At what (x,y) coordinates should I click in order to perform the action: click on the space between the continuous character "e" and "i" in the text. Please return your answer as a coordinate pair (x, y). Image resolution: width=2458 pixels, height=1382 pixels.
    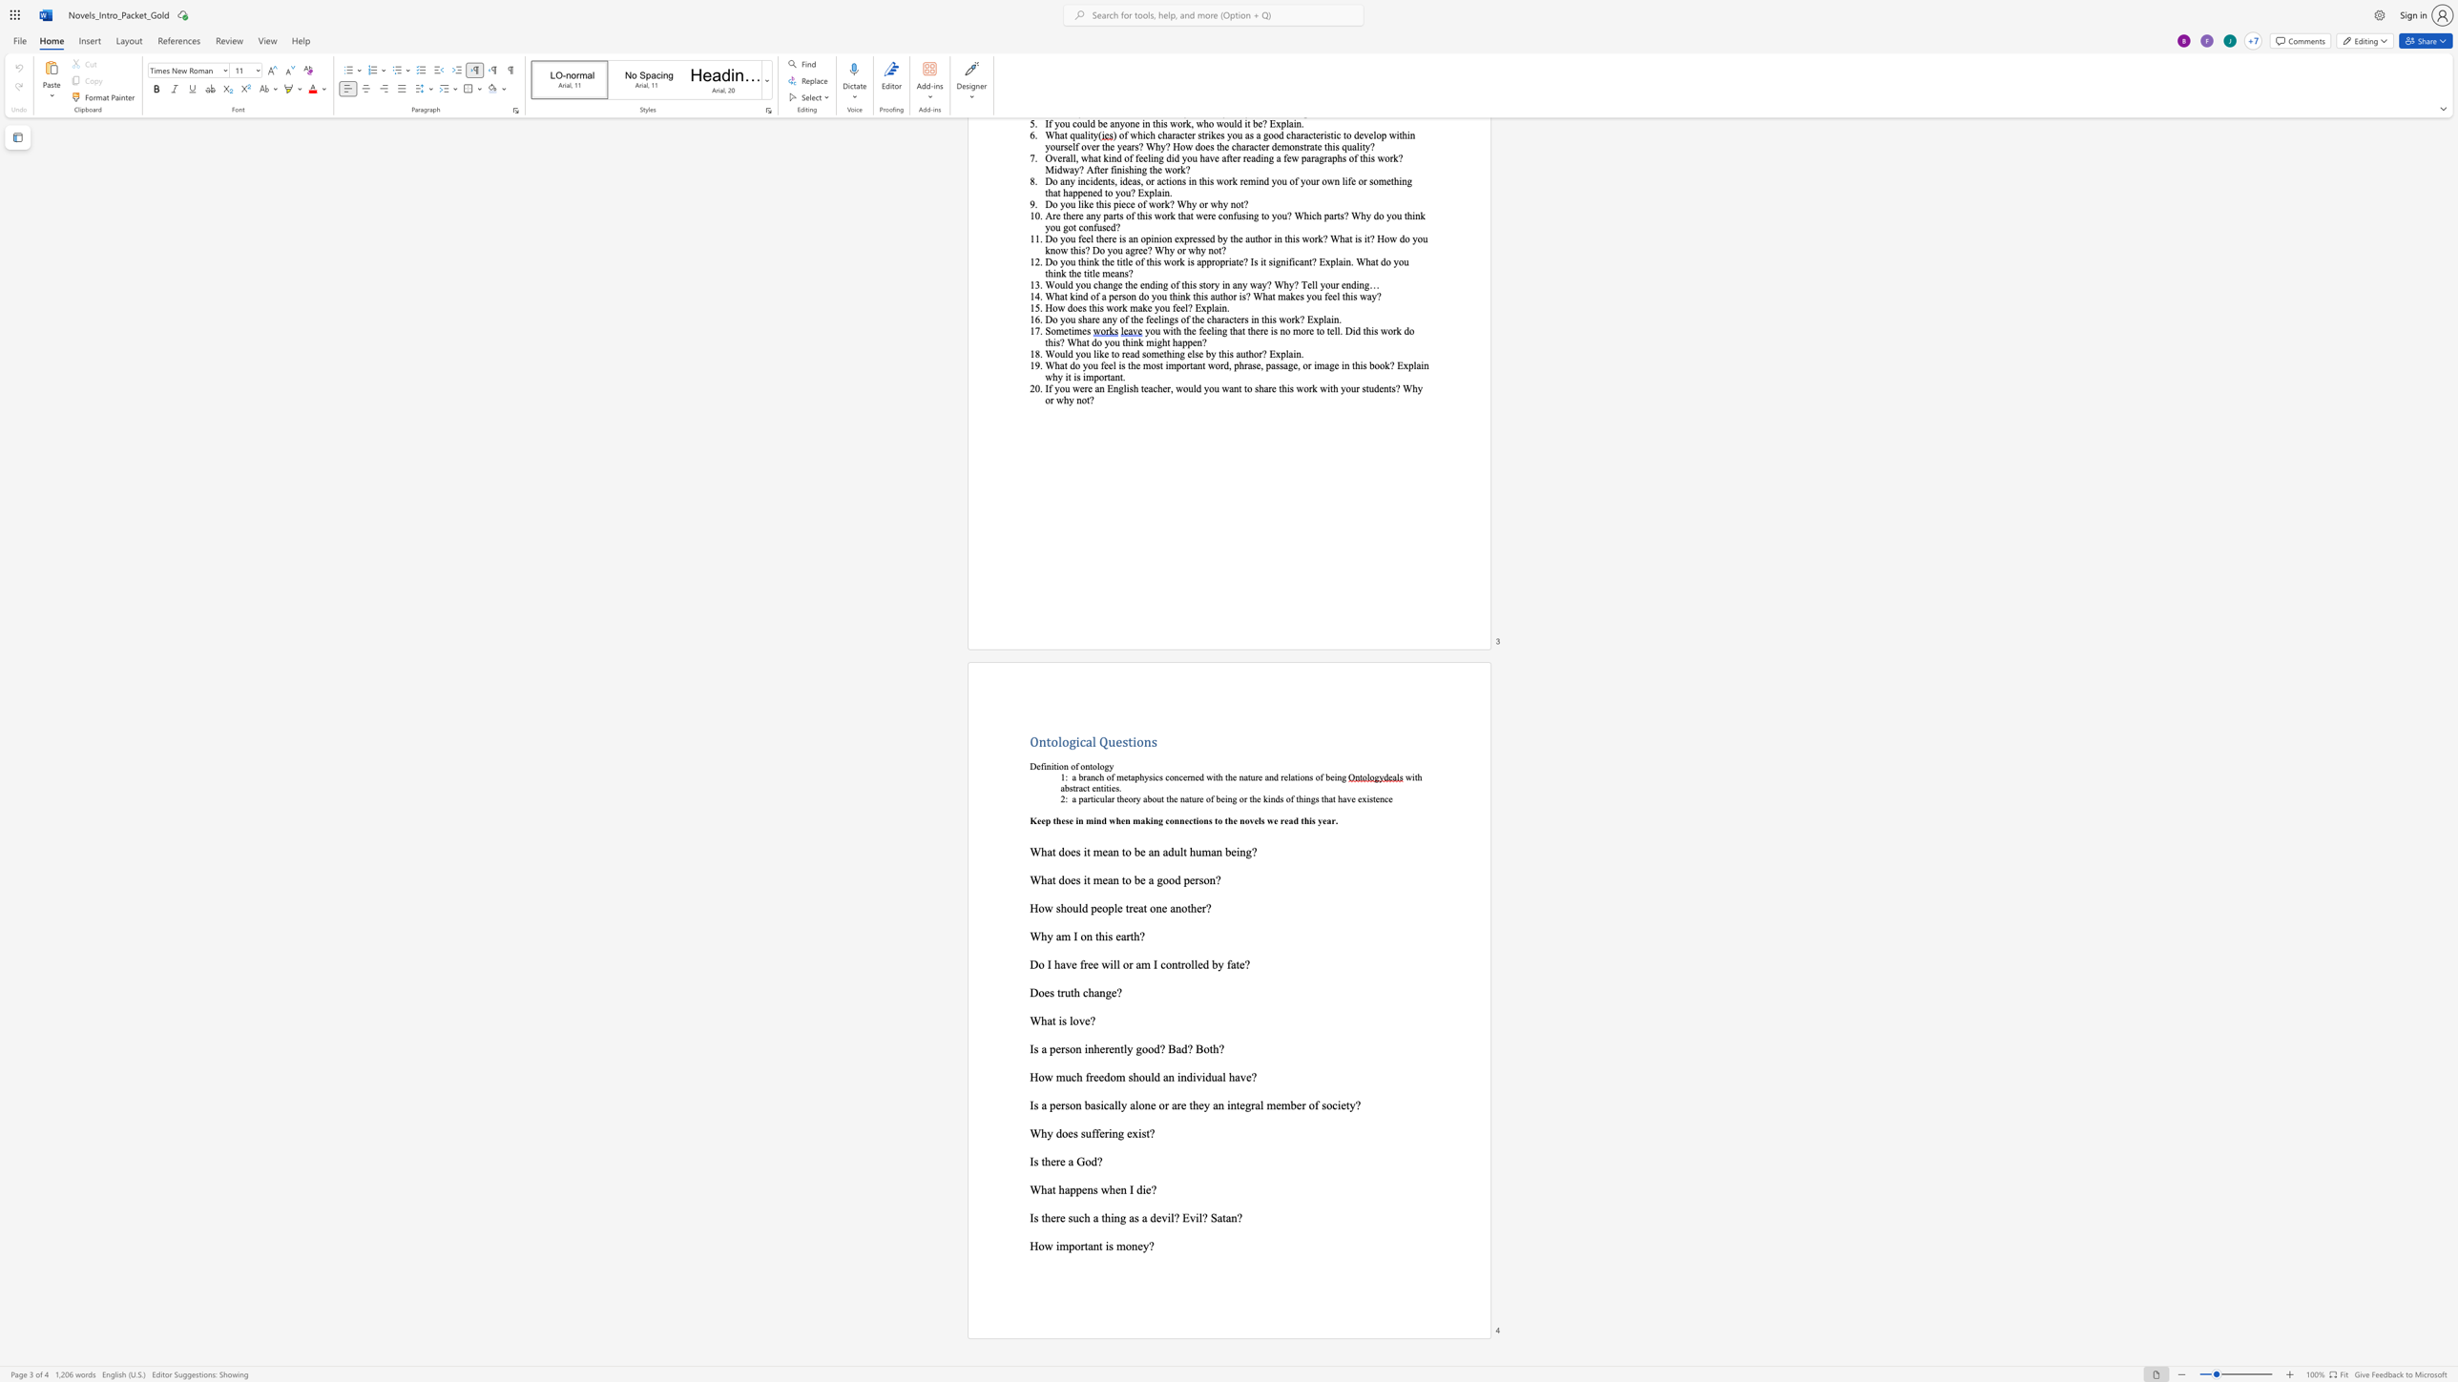
    Looking at the image, I should click on (1224, 797).